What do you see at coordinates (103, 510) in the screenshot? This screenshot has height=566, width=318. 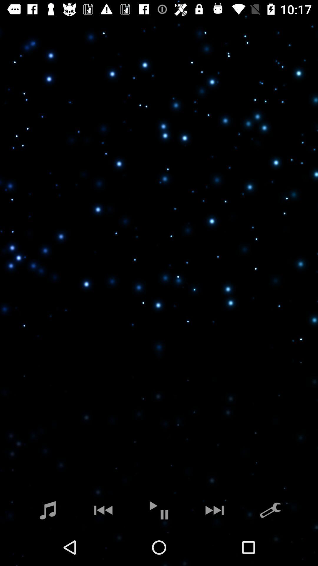 I see `the av_rewind icon` at bounding box center [103, 510].